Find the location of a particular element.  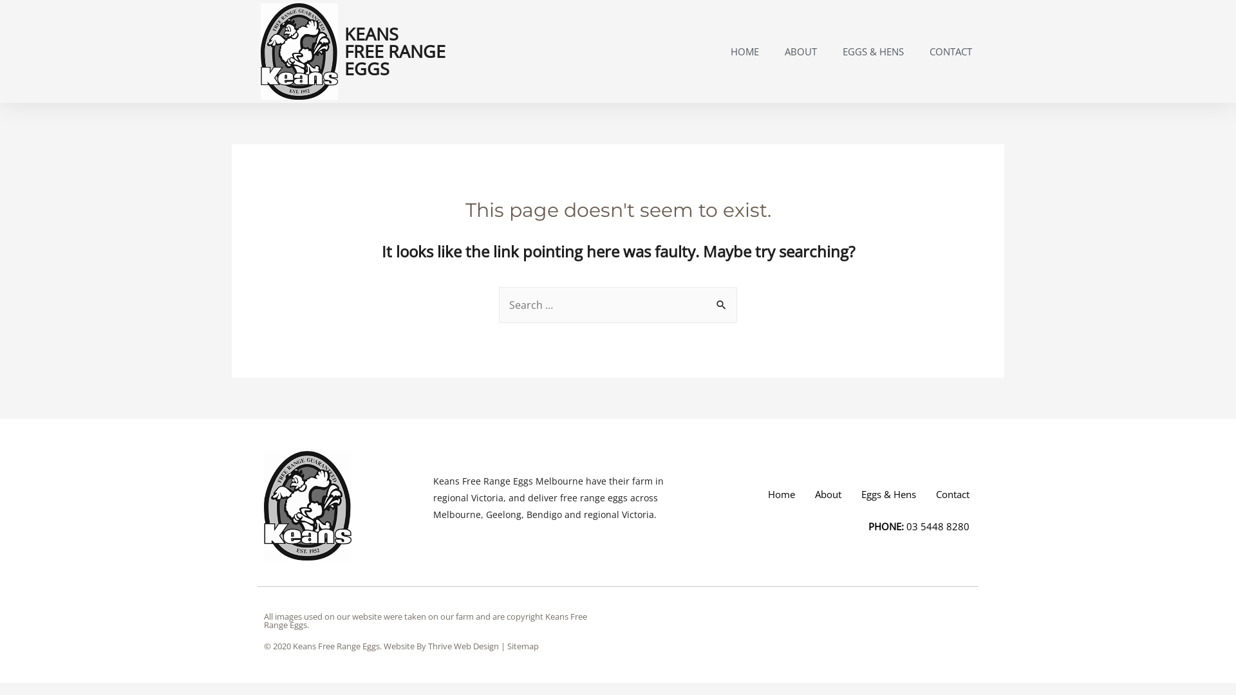

'Contact' is located at coordinates (952, 493).